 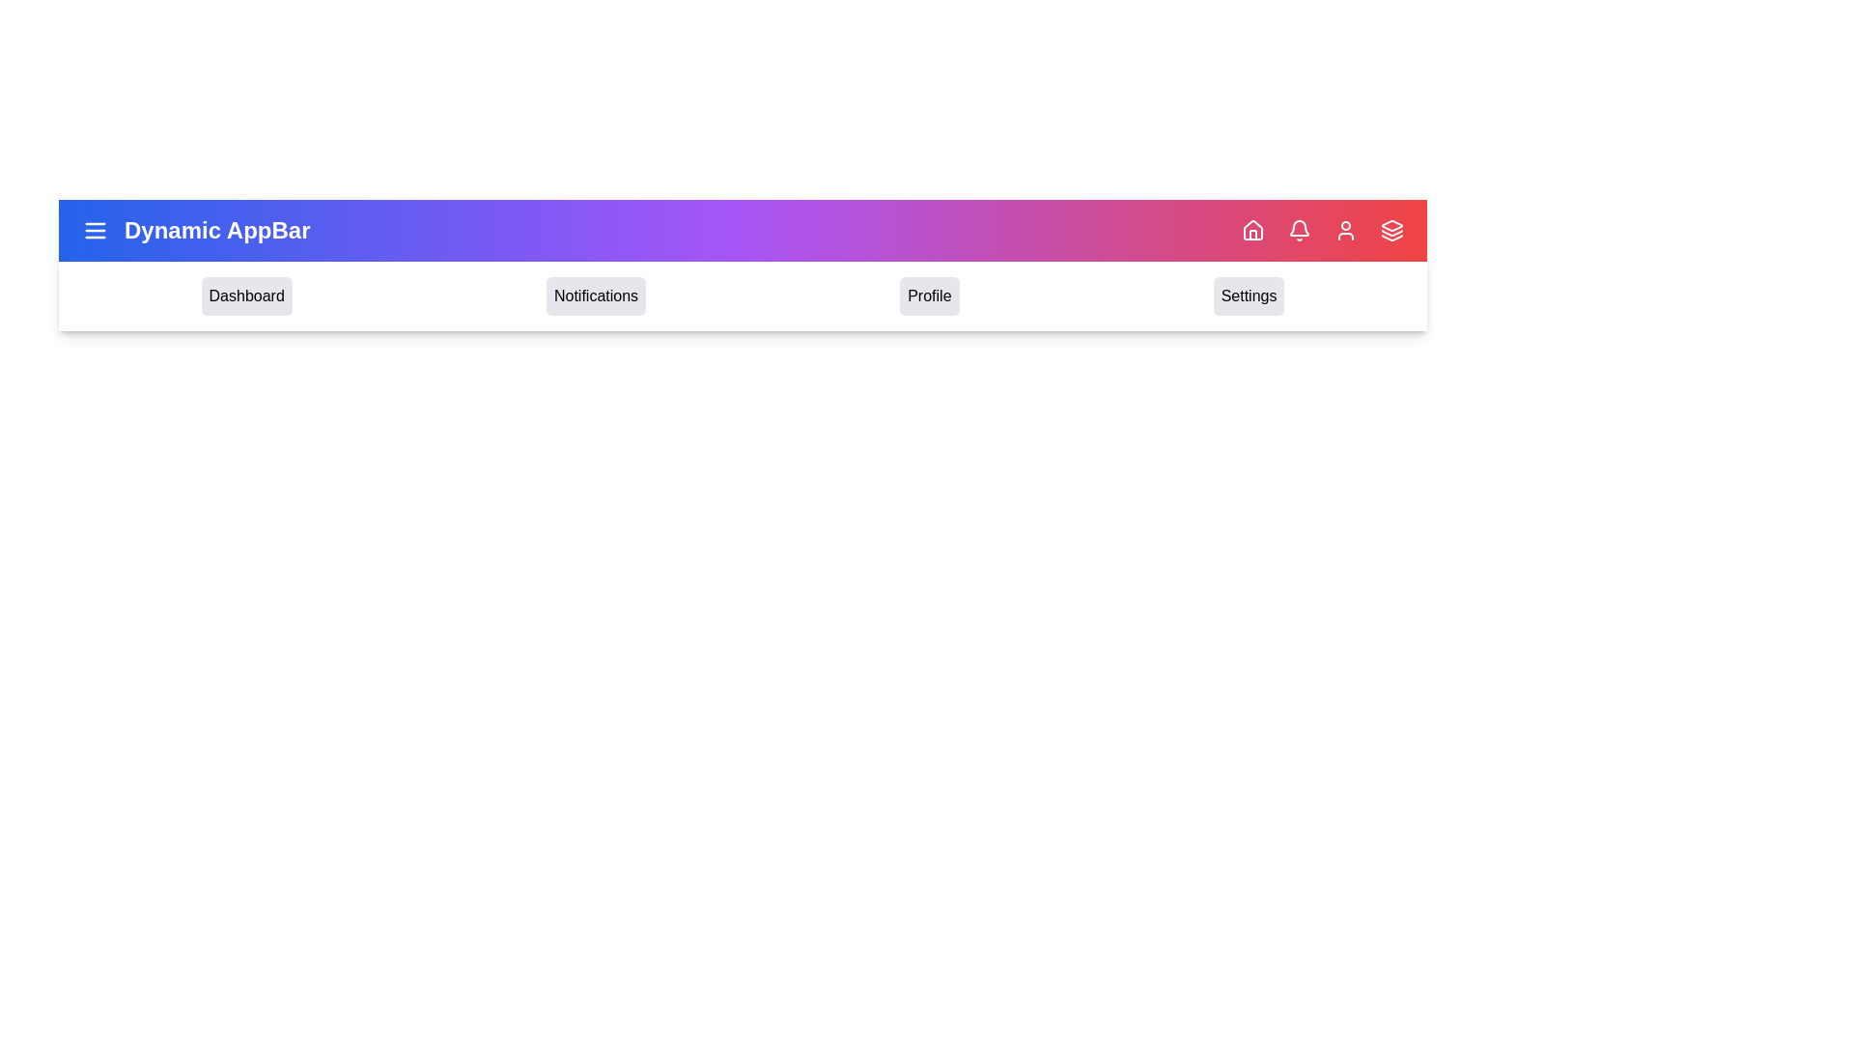 I want to click on the menu icon to toggle the menu's visibility, so click(x=95, y=230).